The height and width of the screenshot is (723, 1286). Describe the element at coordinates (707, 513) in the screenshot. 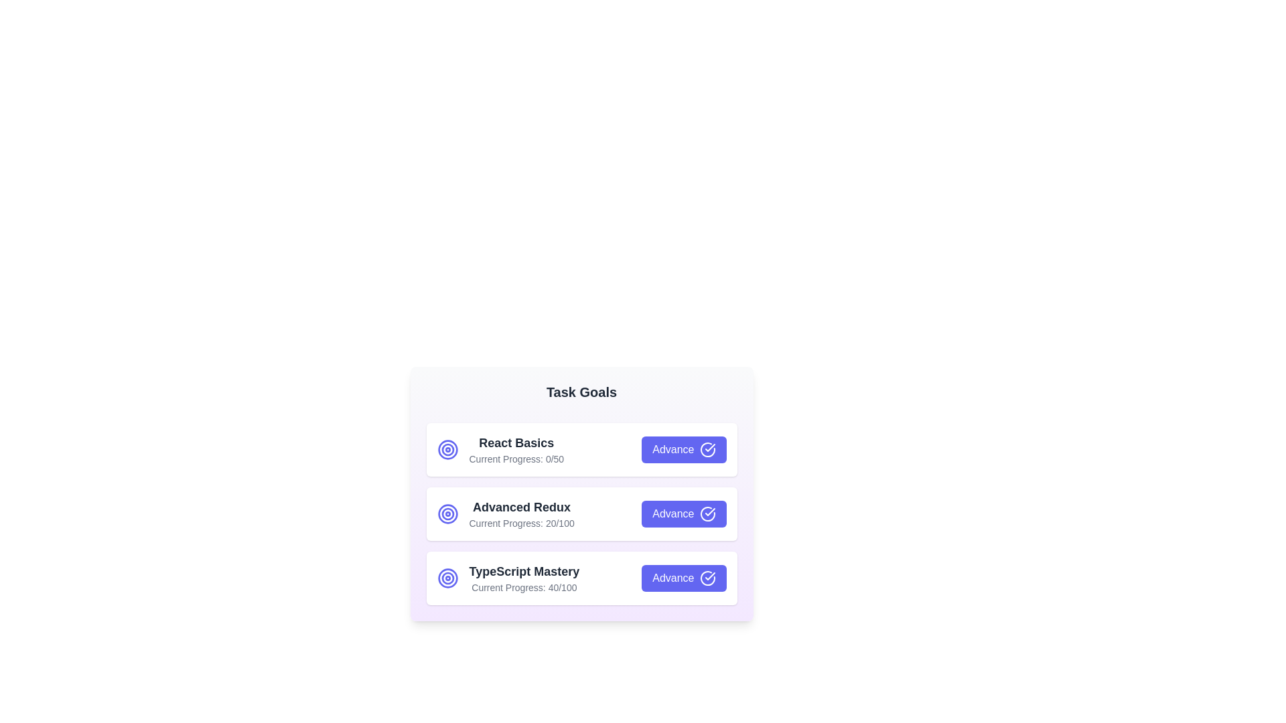

I see `the circular checkmark icon located on the right side of the 'Advance' button, which has a purple background and white text` at that location.